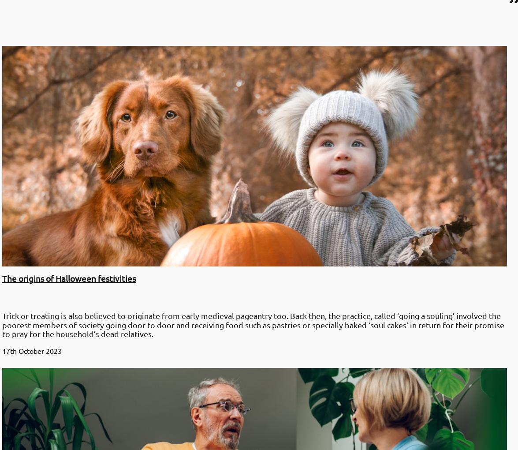 The height and width of the screenshot is (450, 518). Describe the element at coordinates (57, 328) in the screenshot. I see `'Office:  + 44 (0)333 344 2341'` at that location.